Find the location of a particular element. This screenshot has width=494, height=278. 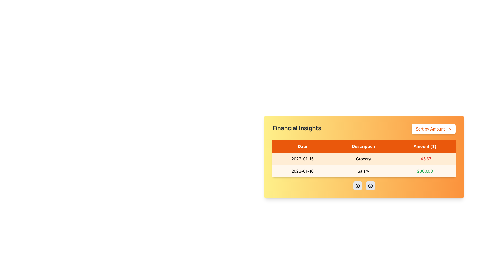

the text label that displays 'Amount ($)', which is styled in bold white font on a dark orange background and serves as a header in a table layout is located at coordinates (425, 146).